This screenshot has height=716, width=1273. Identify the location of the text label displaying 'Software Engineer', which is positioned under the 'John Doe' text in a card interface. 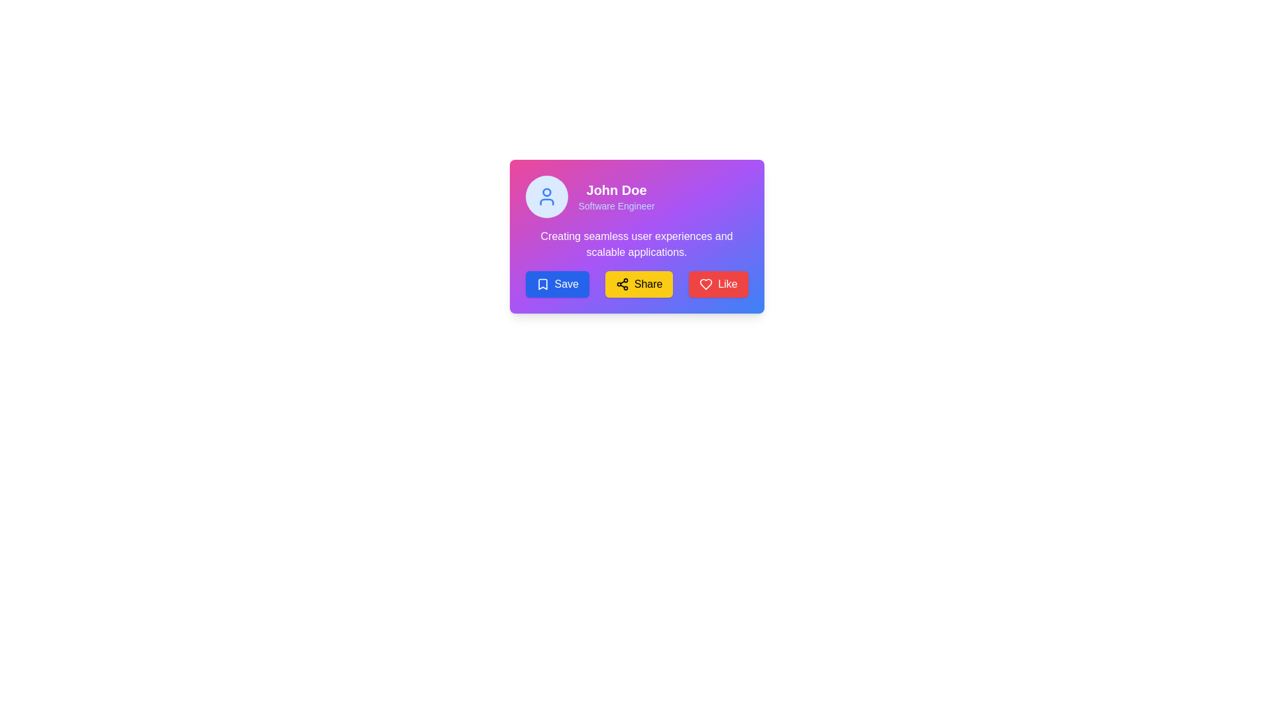
(616, 206).